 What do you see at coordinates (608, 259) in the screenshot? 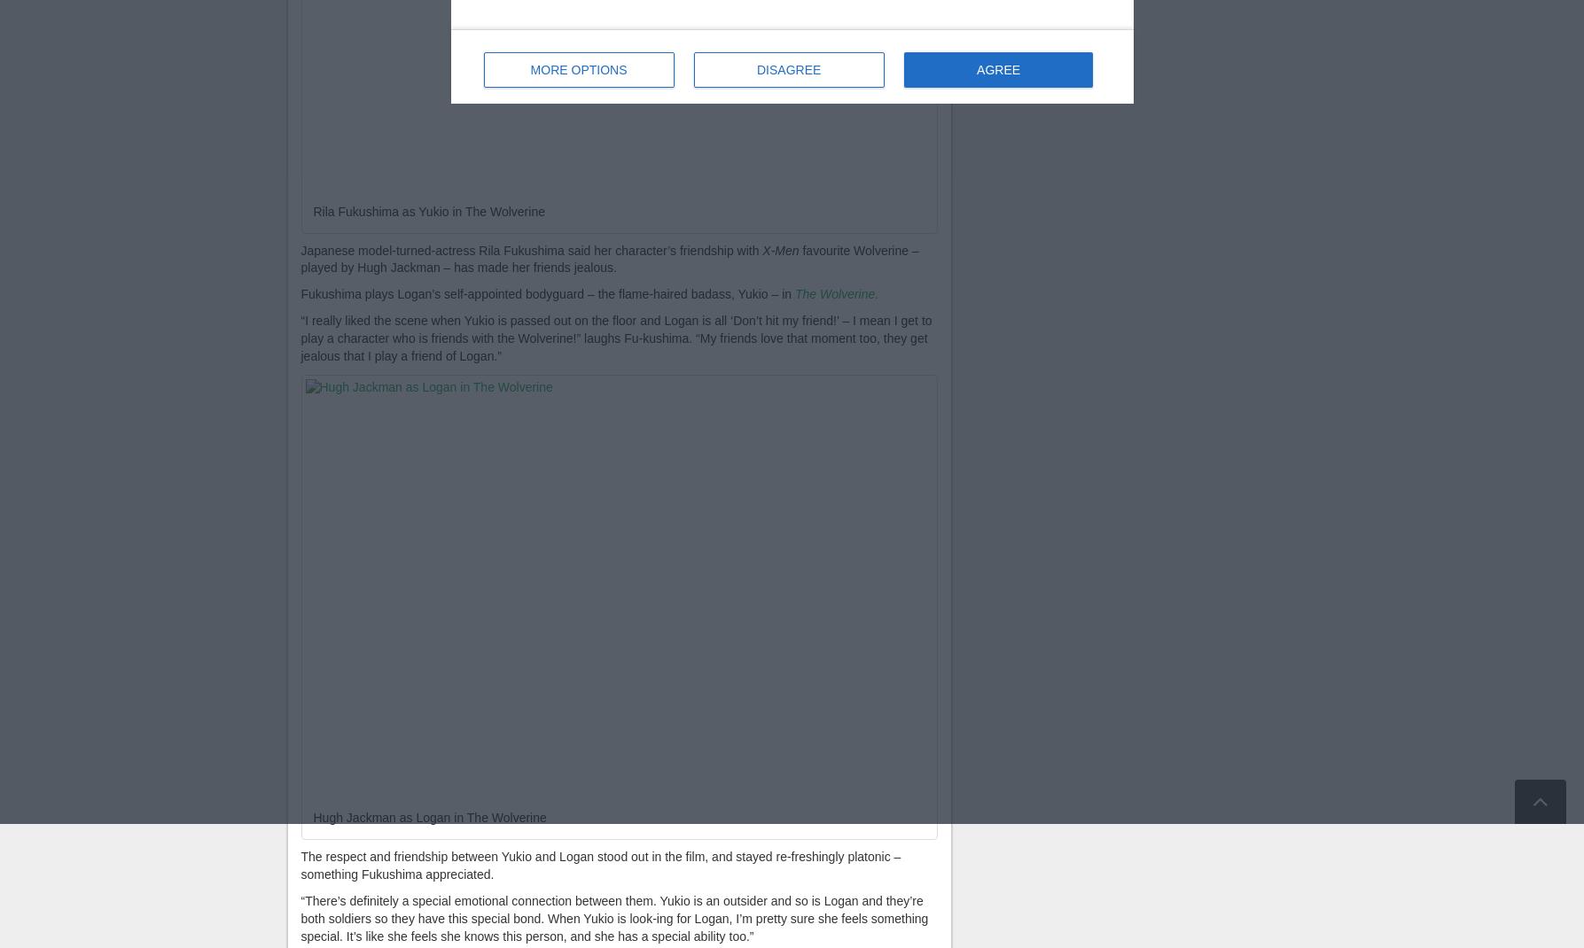
I see `'favourite Wolverine – played by Hugh Jackman – has made her friends jealous.'` at bounding box center [608, 259].